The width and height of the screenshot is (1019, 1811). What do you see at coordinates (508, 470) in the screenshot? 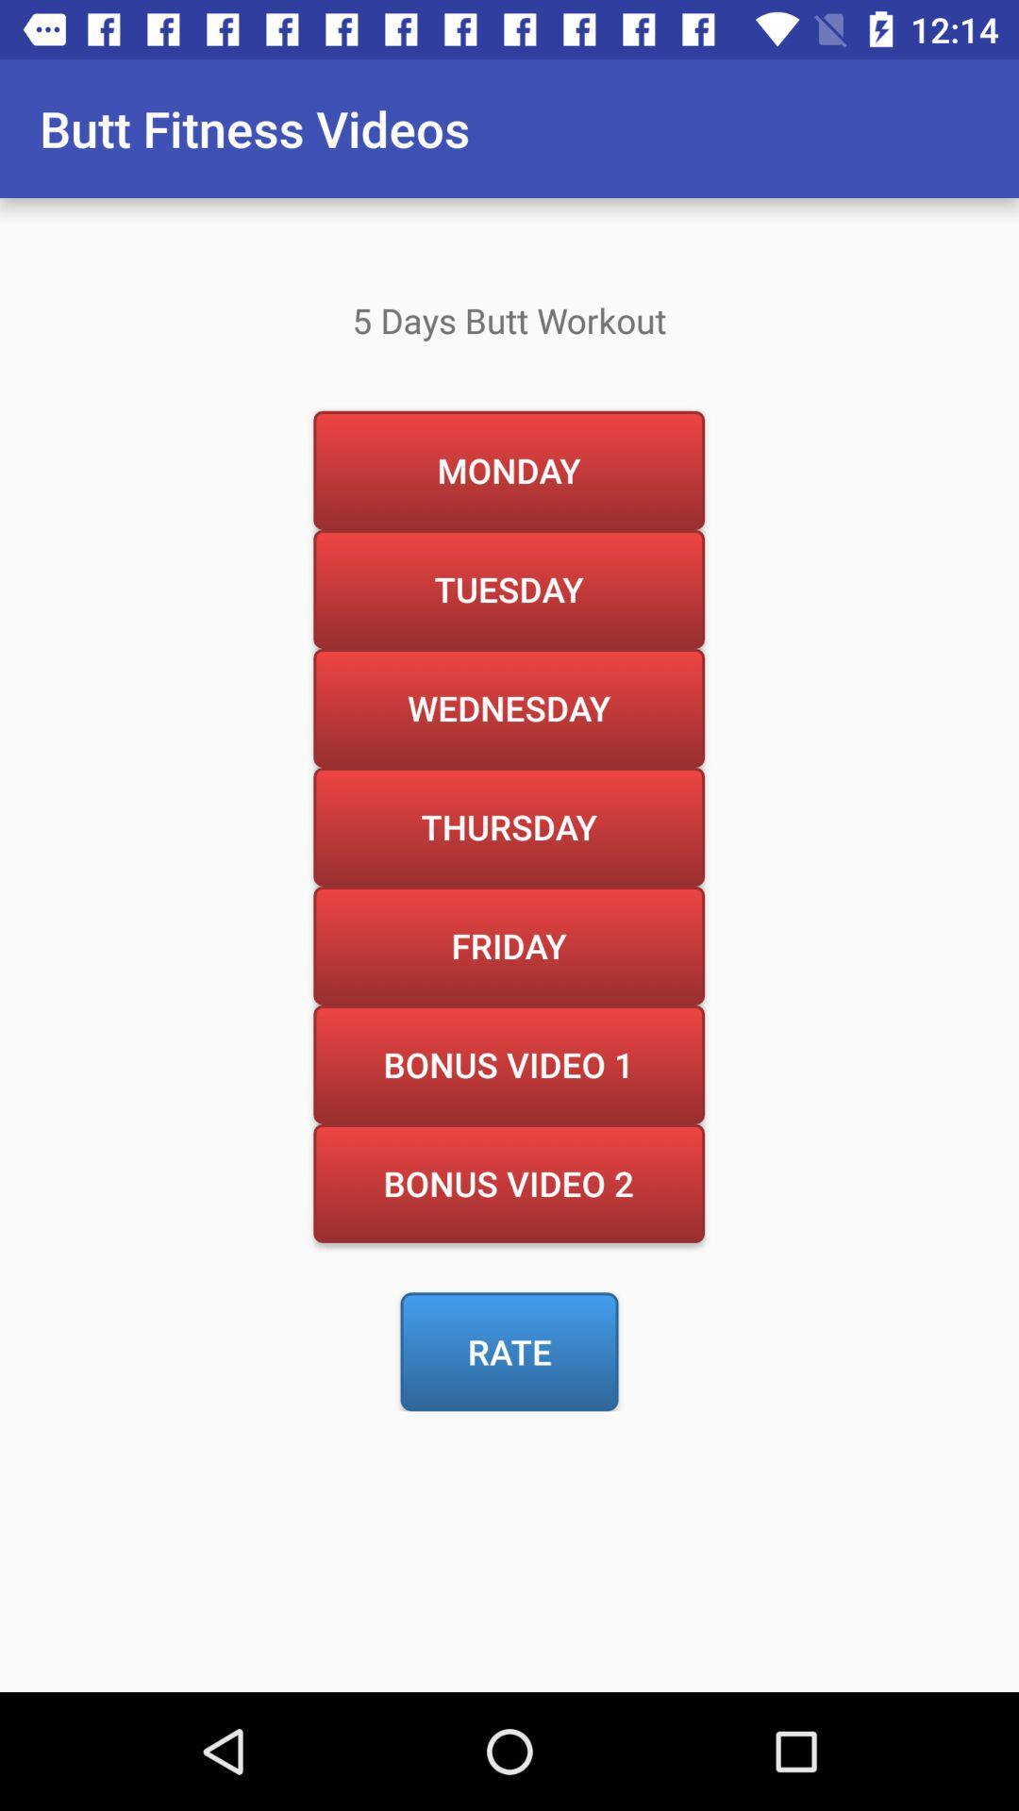
I see `the item above the tuesday icon` at bounding box center [508, 470].